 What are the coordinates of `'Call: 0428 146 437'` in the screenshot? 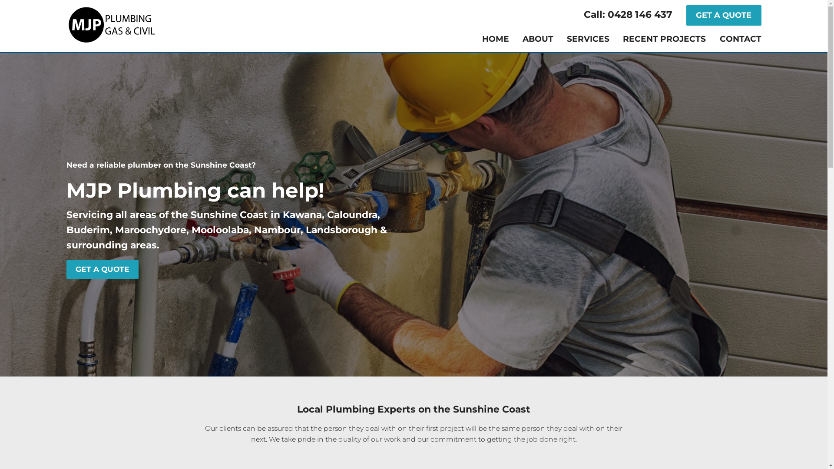 It's located at (634, 15).